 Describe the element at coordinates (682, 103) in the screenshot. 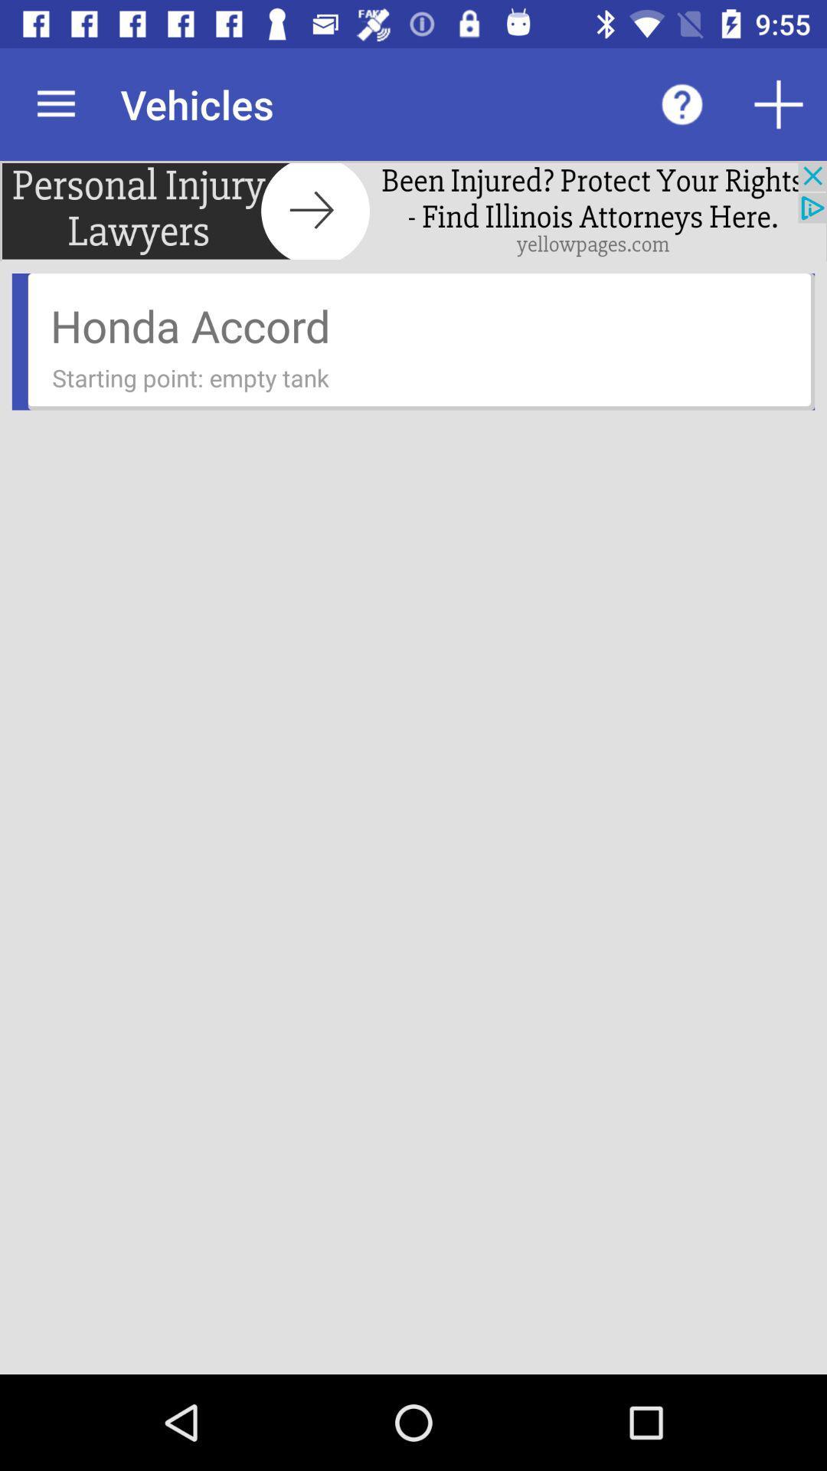

I see `show help` at that location.